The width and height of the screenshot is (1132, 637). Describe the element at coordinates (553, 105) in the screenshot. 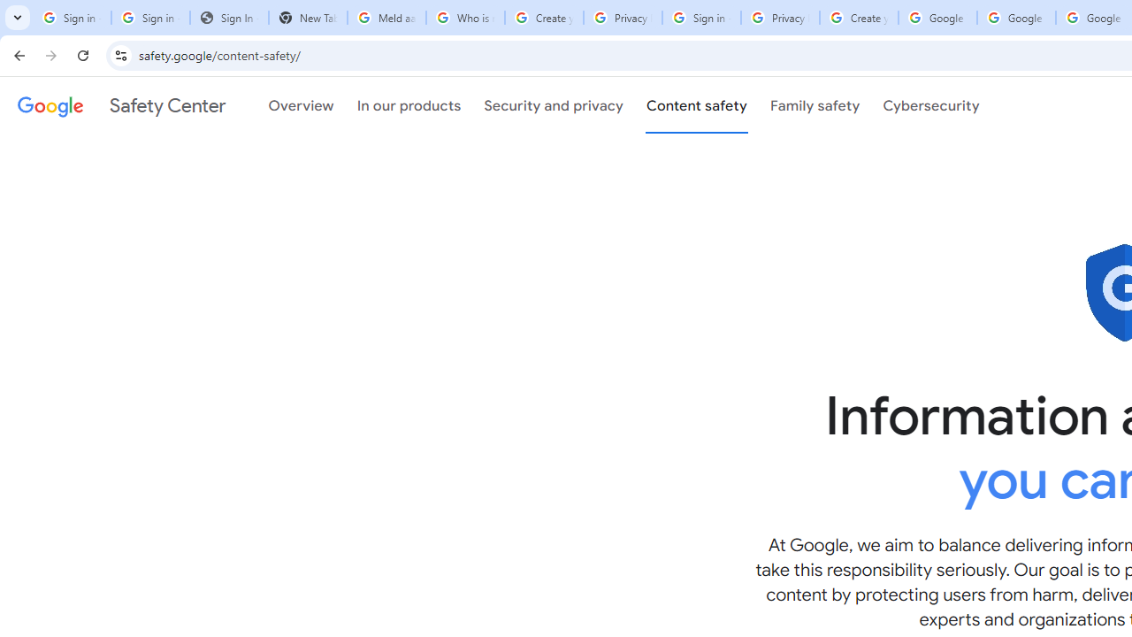

I see `'Security and privacy'` at that location.